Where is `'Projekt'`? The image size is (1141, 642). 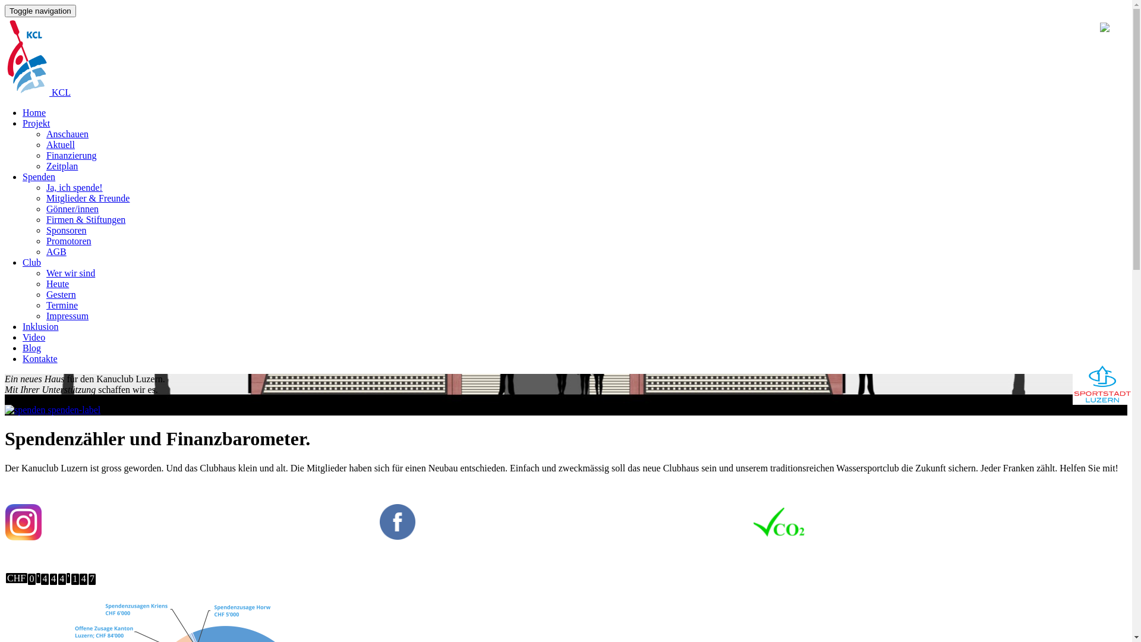
'Projekt' is located at coordinates (36, 123).